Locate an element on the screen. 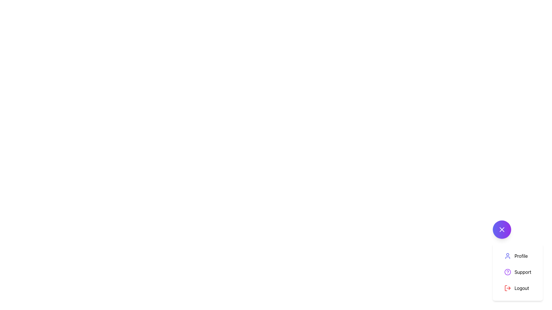 This screenshot has width=552, height=310. the 'Profile' icon, which is the leftmost icon in the menu representing user profile features, located above the 'Support' item is located at coordinates (507, 255).